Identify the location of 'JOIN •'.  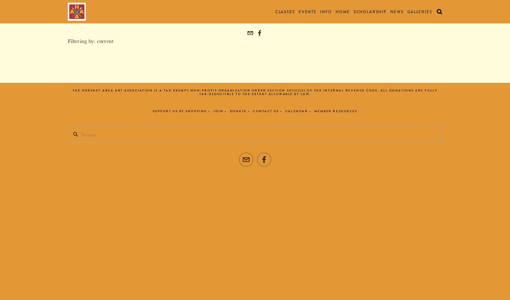
(219, 111).